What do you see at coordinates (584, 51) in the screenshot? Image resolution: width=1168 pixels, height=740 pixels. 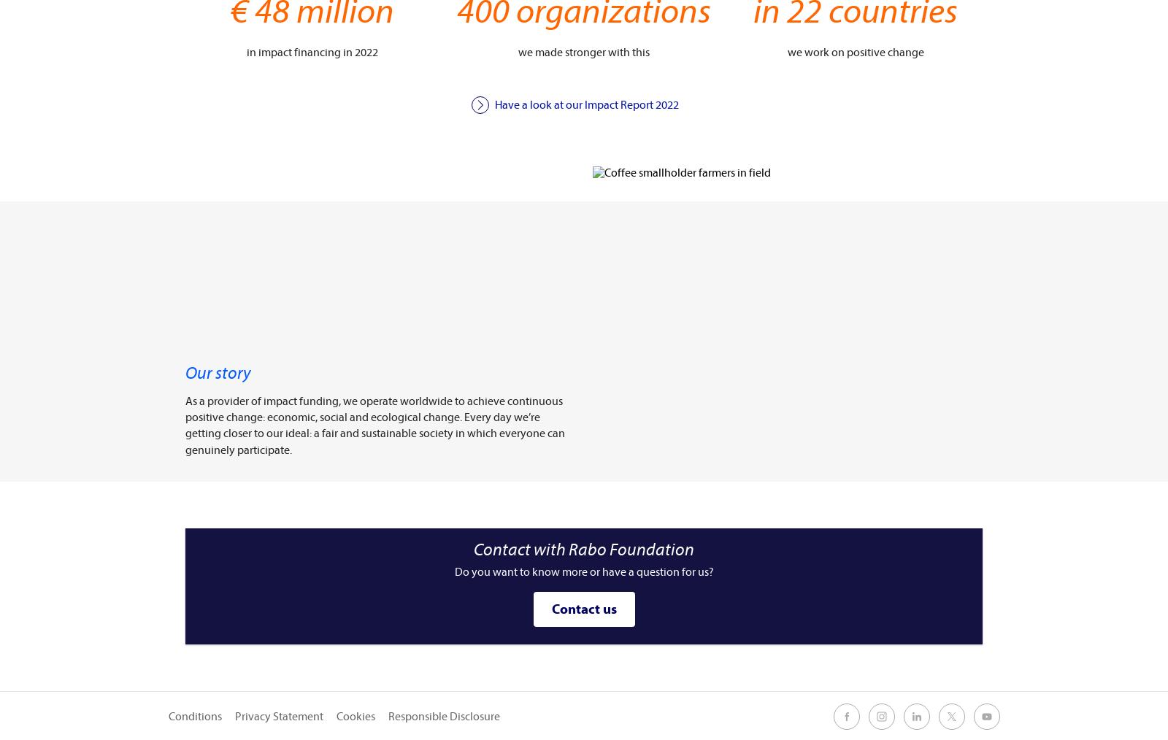 I see `'we made stronger with this'` at bounding box center [584, 51].